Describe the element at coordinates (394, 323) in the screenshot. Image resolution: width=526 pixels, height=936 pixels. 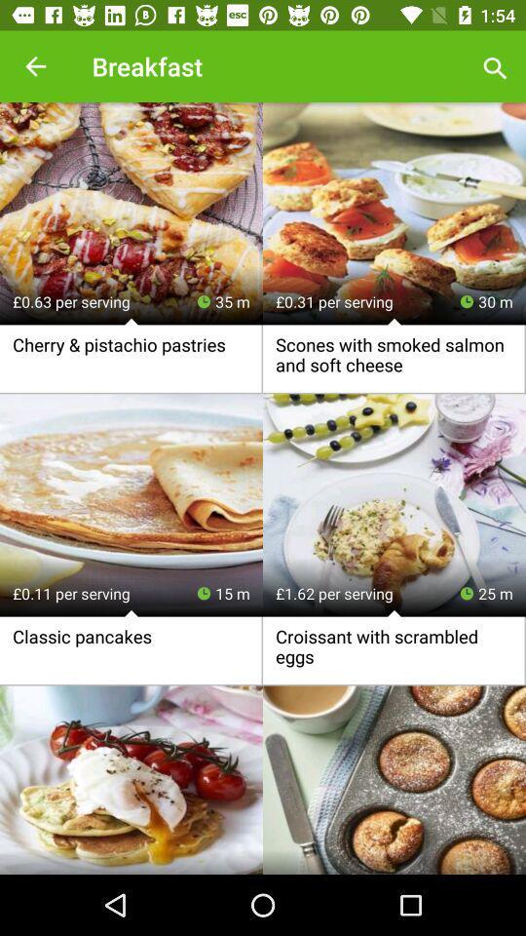
I see `the up scroll icon in the 30m image` at that location.